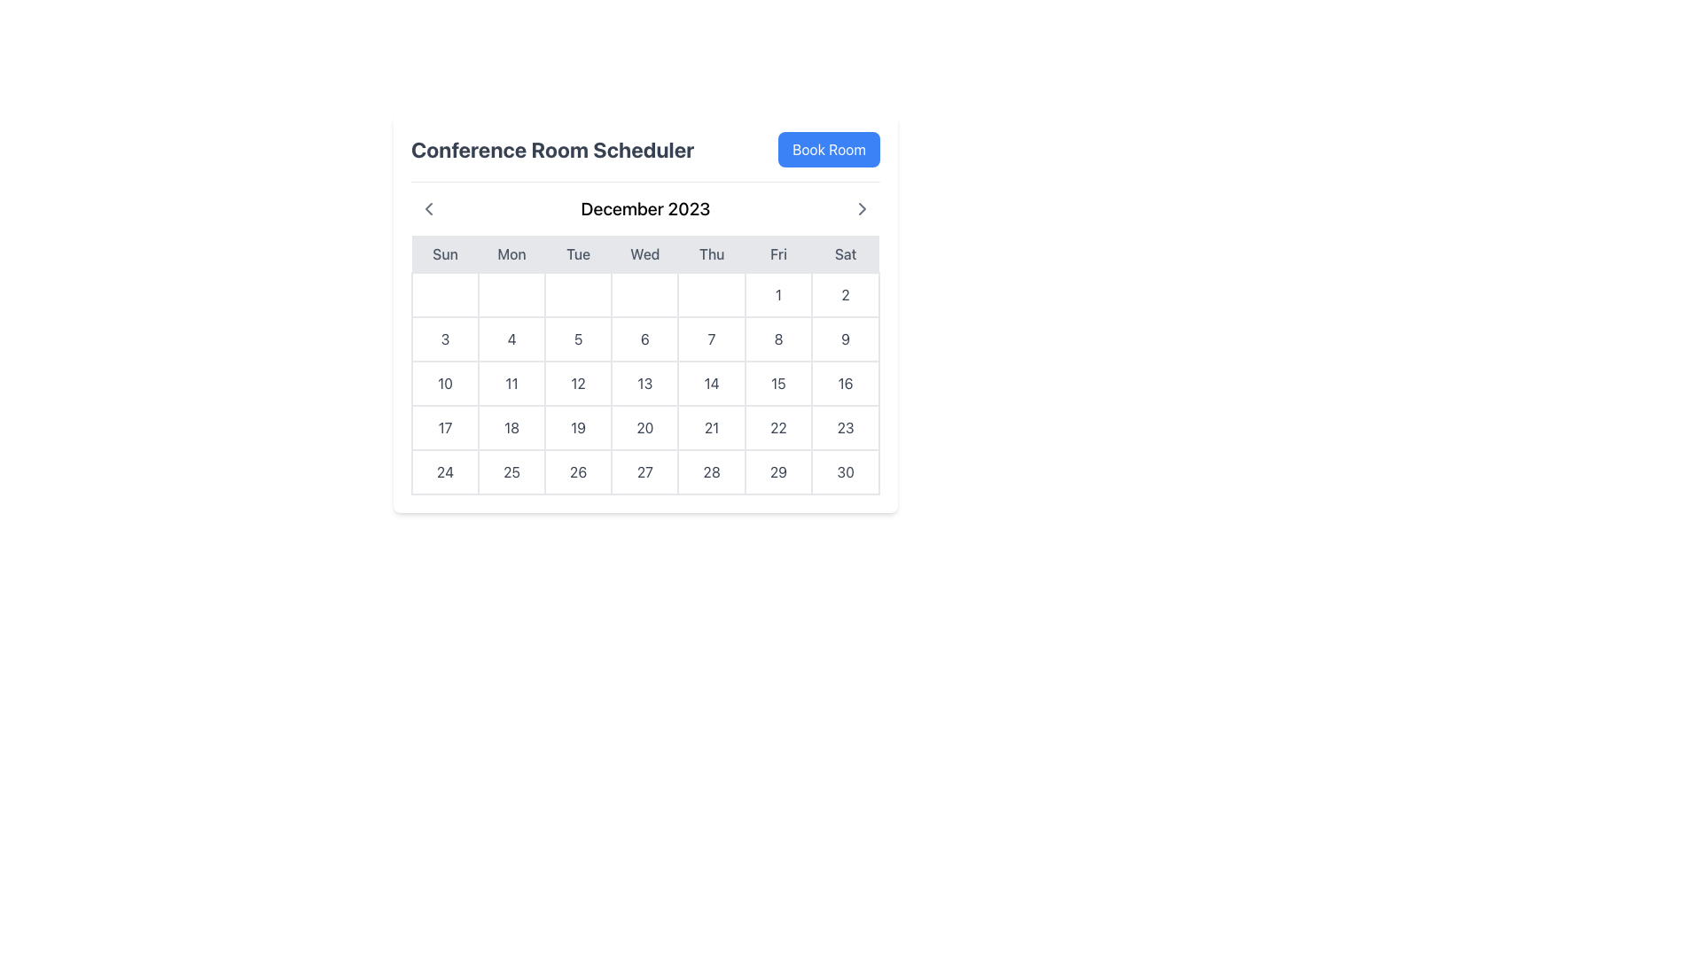 This screenshot has width=1702, height=957. Describe the element at coordinates (778, 471) in the screenshot. I see `the clickable calendar date box containing the text '29'` at that location.